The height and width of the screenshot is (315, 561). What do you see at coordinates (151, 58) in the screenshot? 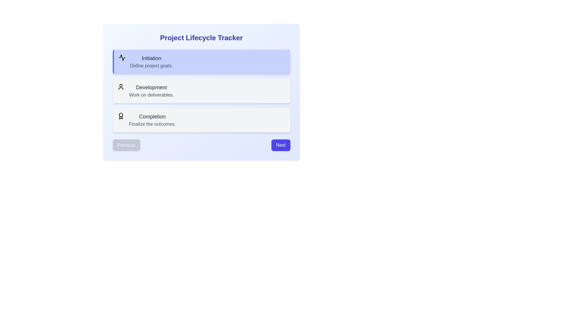
I see `the text label indicating 'Define project goals.' which serves as the header for the first section in the Project Lifecycle Tracker interface` at bounding box center [151, 58].